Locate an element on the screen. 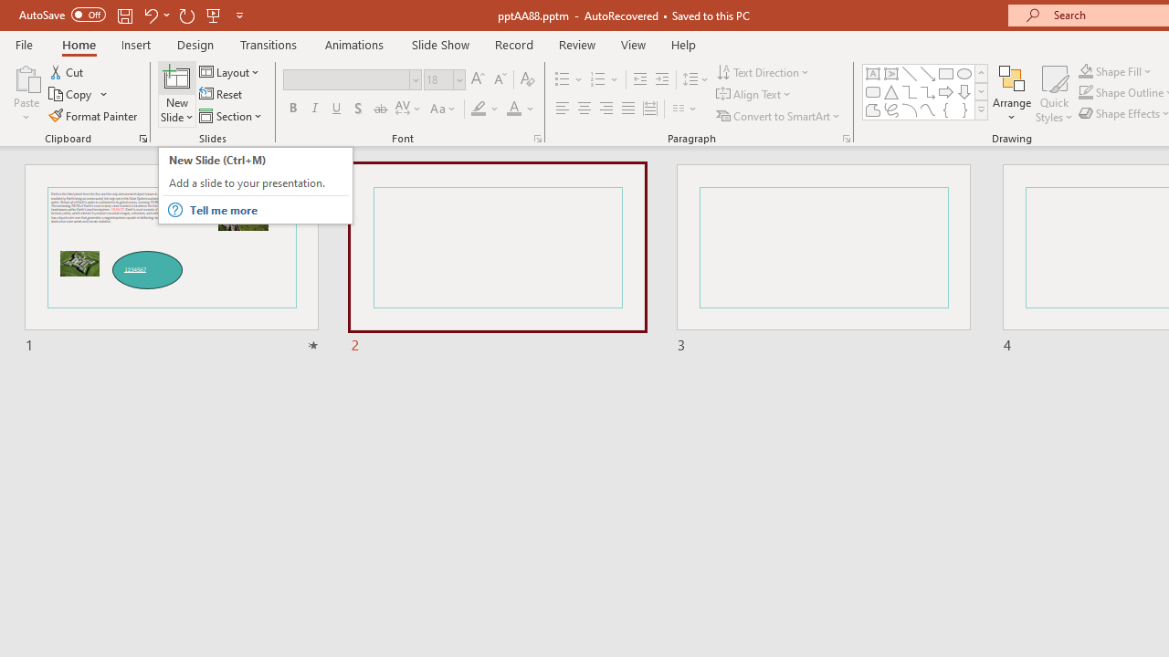  'Shape Fill' is located at coordinates (1114, 70).